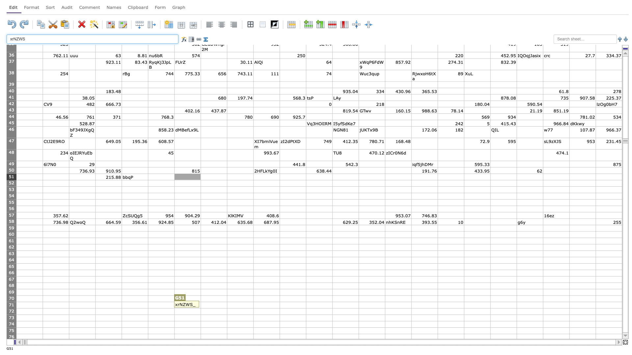 Image resolution: width=632 pixels, height=355 pixels. I want to click on Bottom right corner of cell H-71, so click(227, 308).